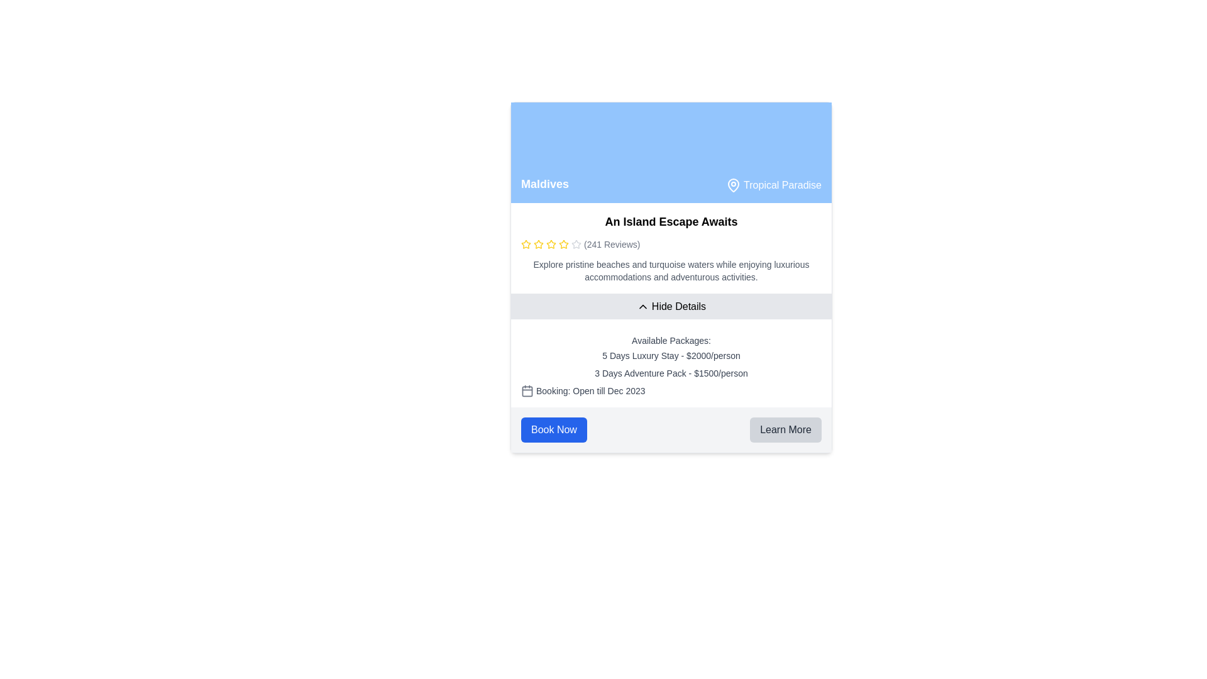  What do you see at coordinates (563, 244) in the screenshot?
I see `the first star icon in the rating group below the title 'An Island Escape Awaits' to provide a rating` at bounding box center [563, 244].